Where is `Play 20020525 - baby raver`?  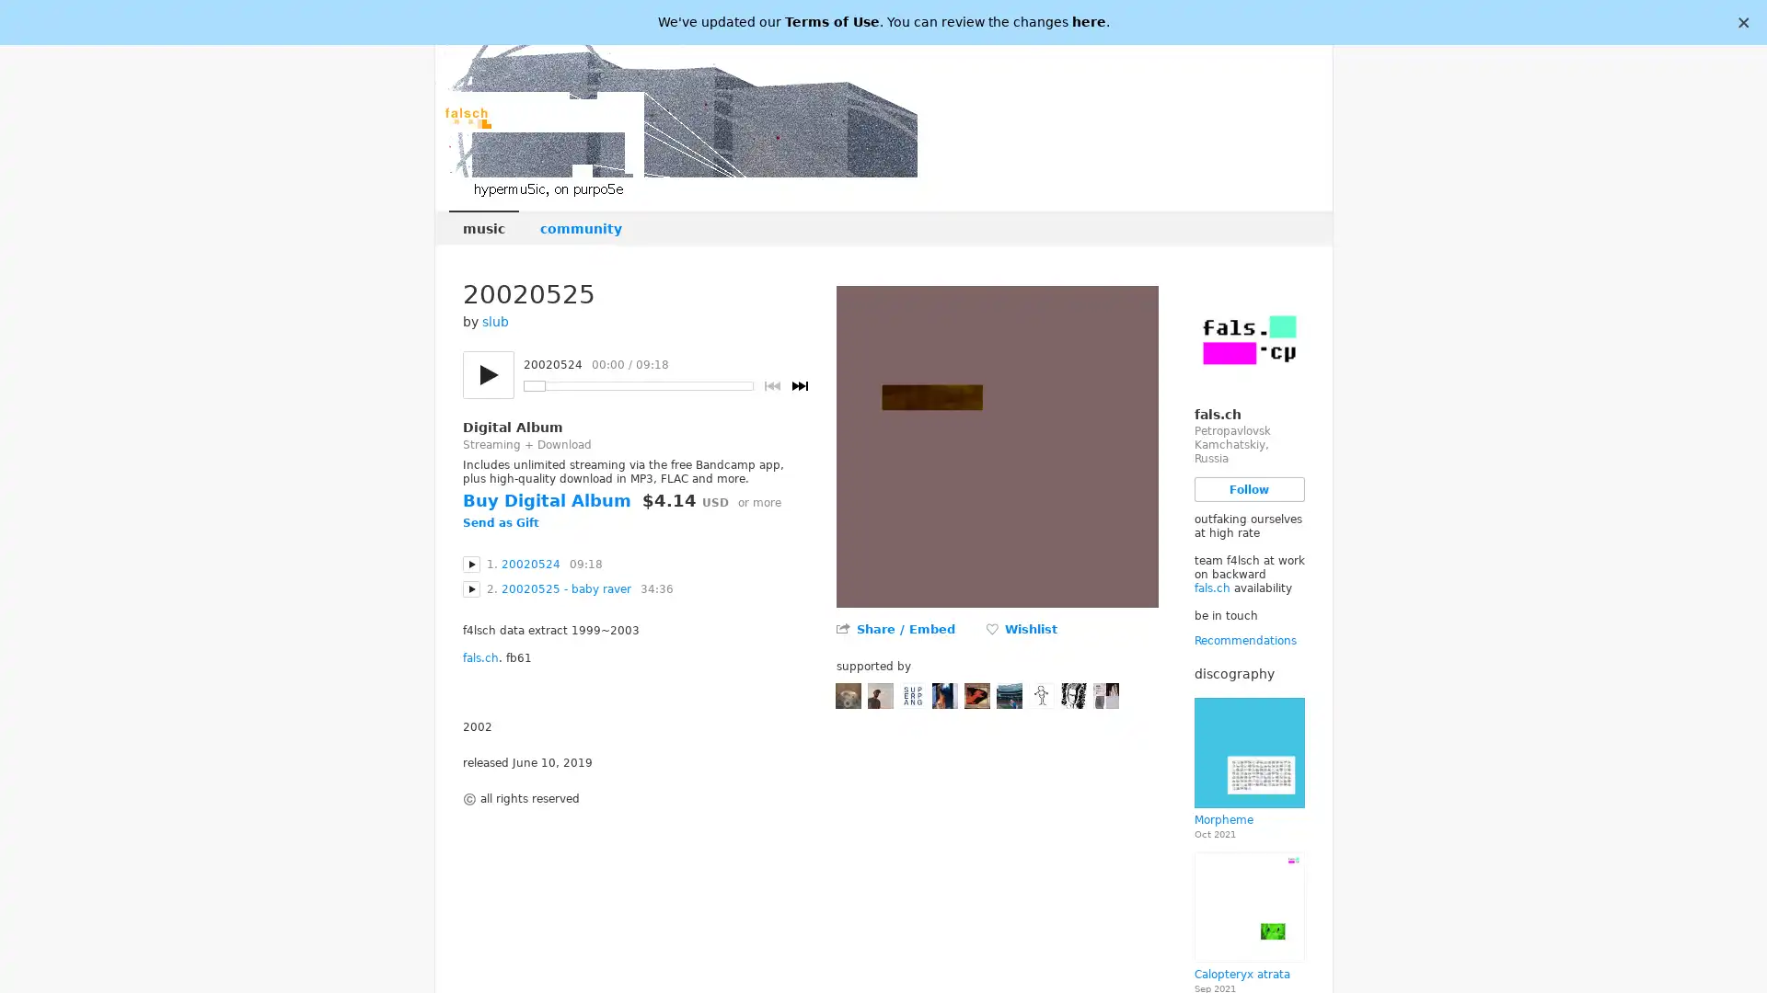 Play 20020525 - baby raver is located at coordinates (470, 588).